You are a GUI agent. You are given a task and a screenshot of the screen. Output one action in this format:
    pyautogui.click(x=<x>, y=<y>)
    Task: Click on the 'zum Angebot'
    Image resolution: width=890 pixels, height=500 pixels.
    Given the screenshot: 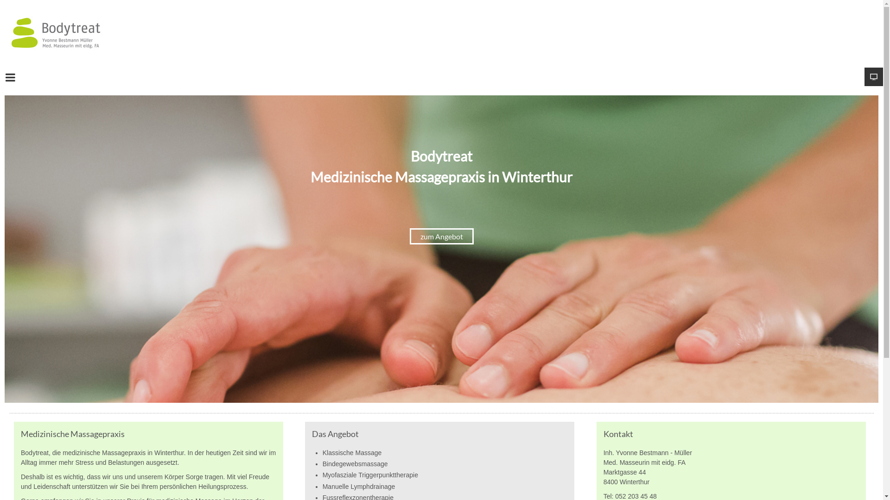 What is the action you would take?
    pyautogui.click(x=441, y=236)
    